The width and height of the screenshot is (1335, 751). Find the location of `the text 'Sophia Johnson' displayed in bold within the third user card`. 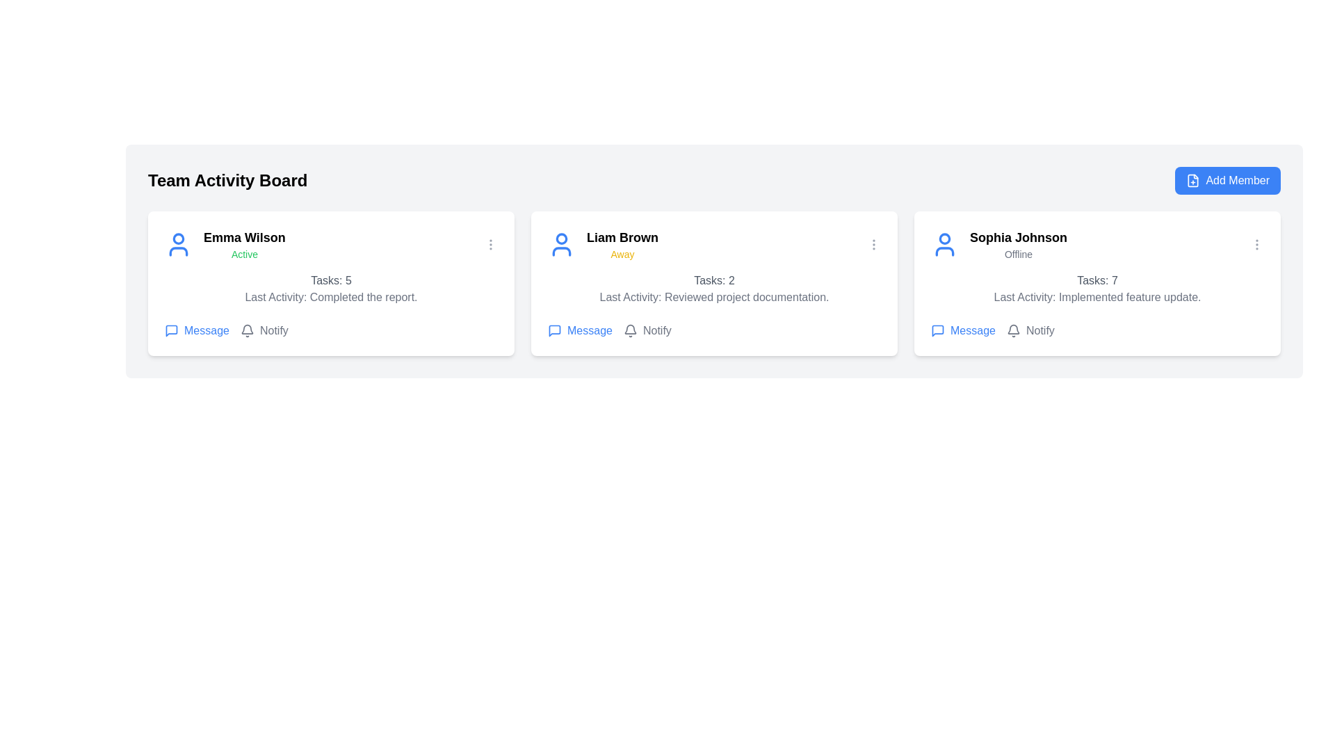

the text 'Sophia Johnson' displayed in bold within the third user card is located at coordinates (1018, 243).